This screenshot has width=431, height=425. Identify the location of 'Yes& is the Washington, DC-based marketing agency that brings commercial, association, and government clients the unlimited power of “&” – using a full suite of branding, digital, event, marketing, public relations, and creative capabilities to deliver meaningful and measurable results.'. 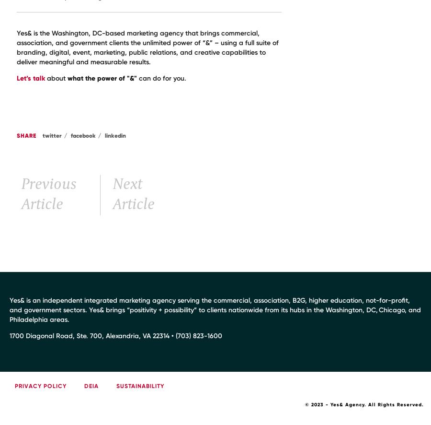
(147, 47).